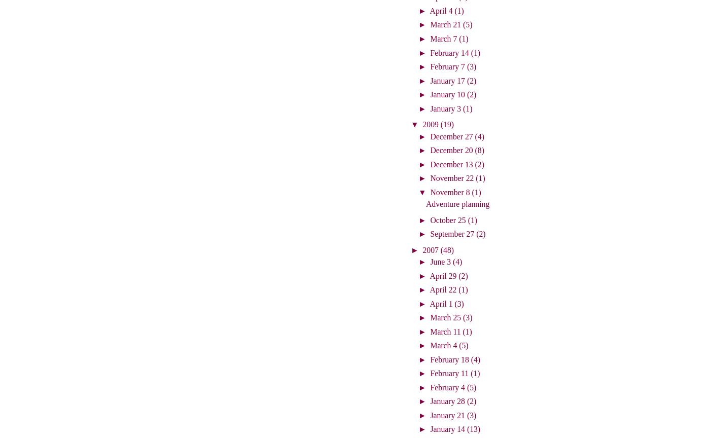  Describe the element at coordinates (447, 124) in the screenshot. I see `'(19)'` at that location.